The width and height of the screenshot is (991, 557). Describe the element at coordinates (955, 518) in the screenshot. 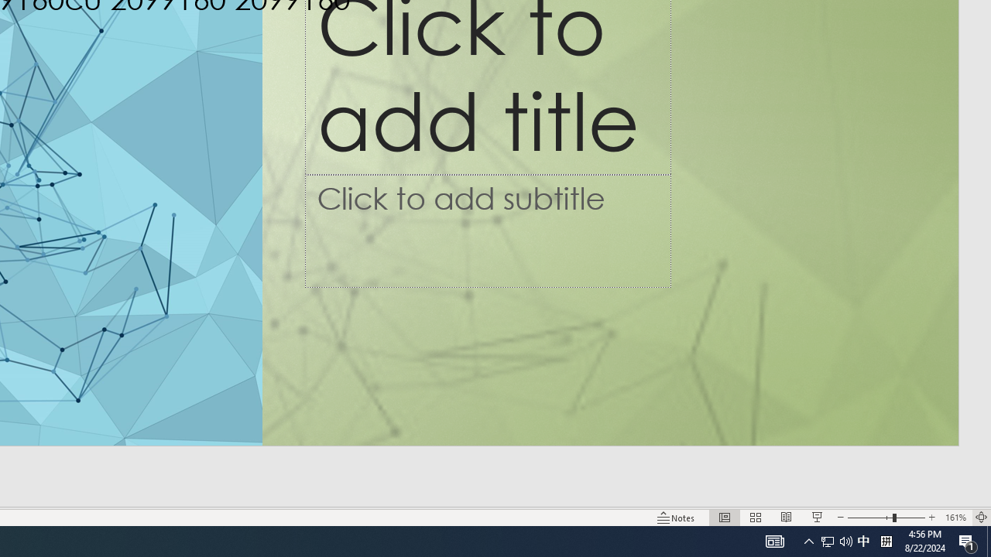

I see `'Zoom 161%'` at that location.